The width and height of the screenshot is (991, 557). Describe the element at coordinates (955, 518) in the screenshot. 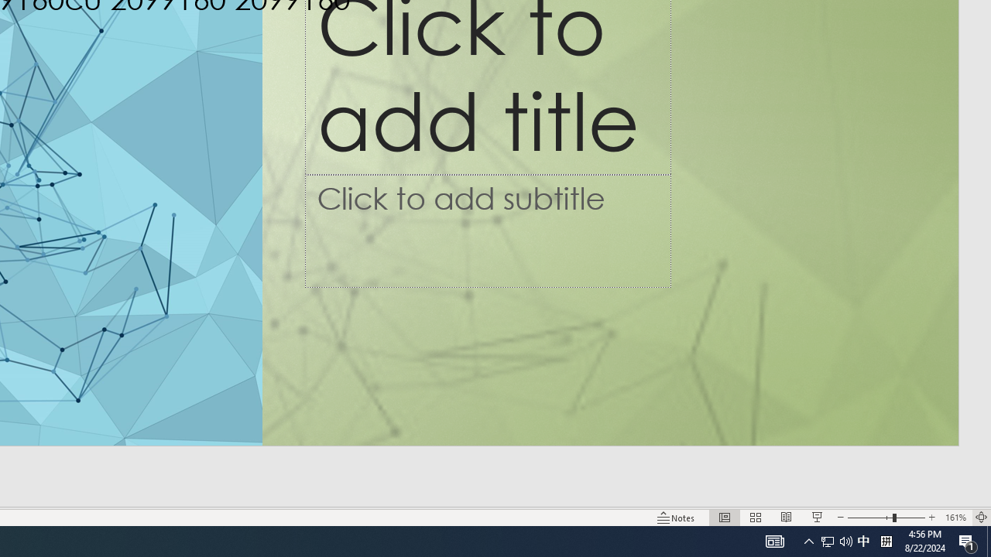

I see `'Zoom 161%'` at that location.